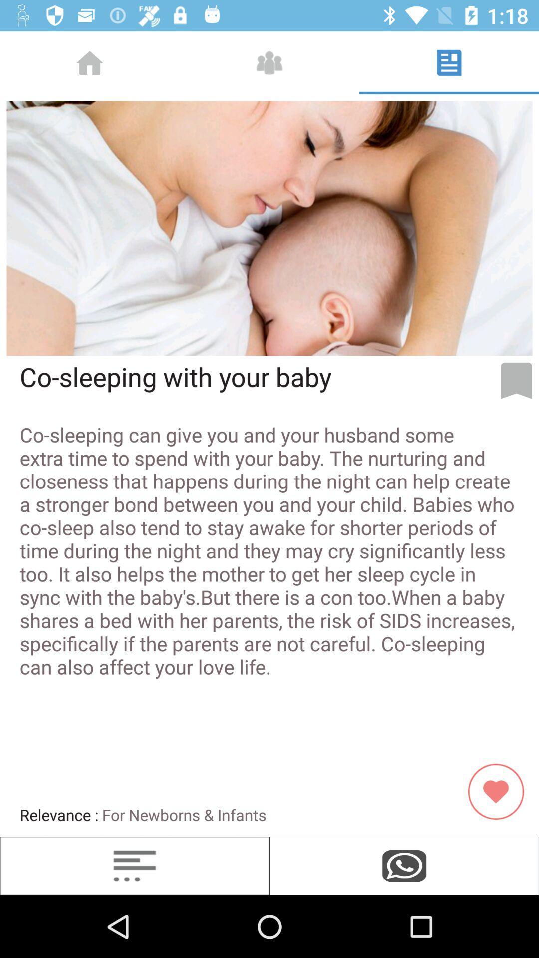  Describe the element at coordinates (500, 790) in the screenshot. I see `the favorite icon` at that location.